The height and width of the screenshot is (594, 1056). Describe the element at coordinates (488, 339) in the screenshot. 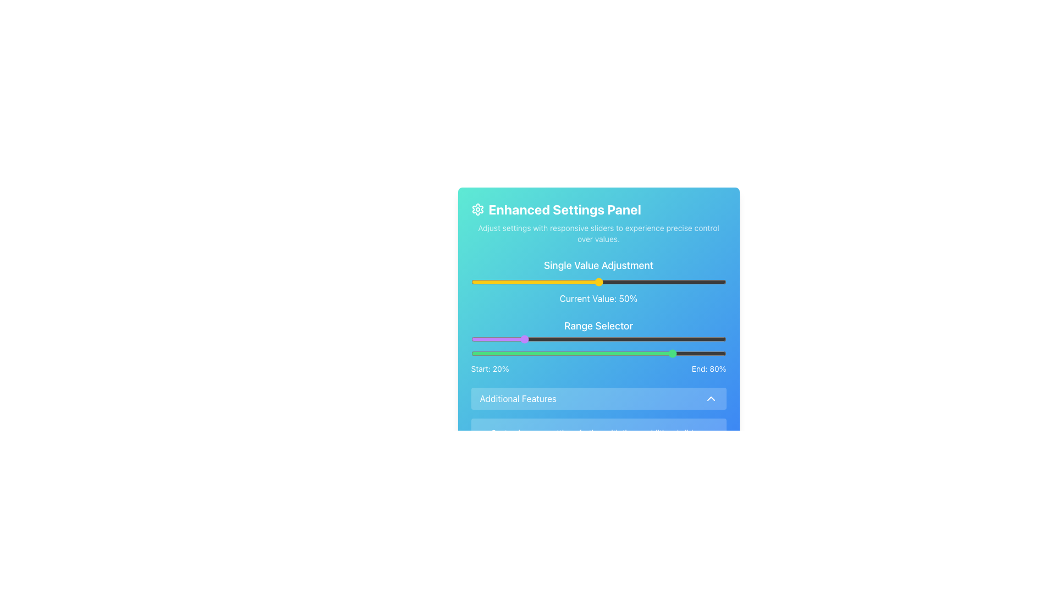

I see `the range slider` at that location.